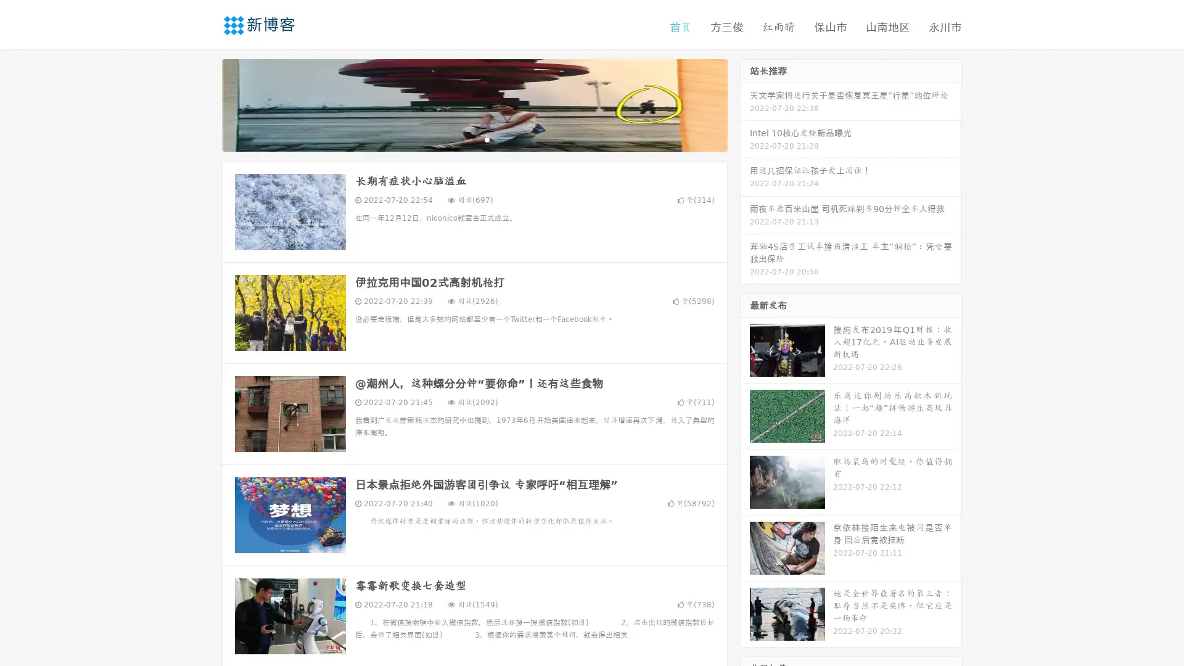 The height and width of the screenshot is (666, 1184). I want to click on Previous slide, so click(203, 104).